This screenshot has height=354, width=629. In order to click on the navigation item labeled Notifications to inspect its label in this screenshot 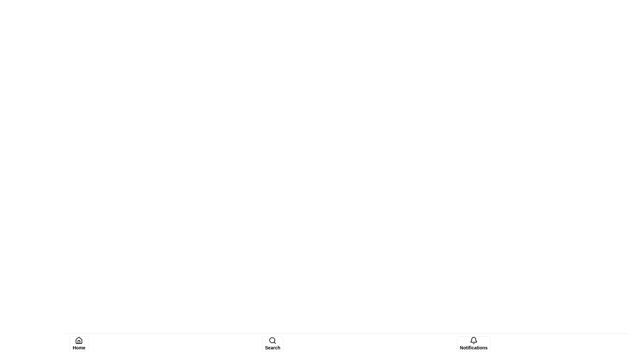, I will do `click(473, 344)`.